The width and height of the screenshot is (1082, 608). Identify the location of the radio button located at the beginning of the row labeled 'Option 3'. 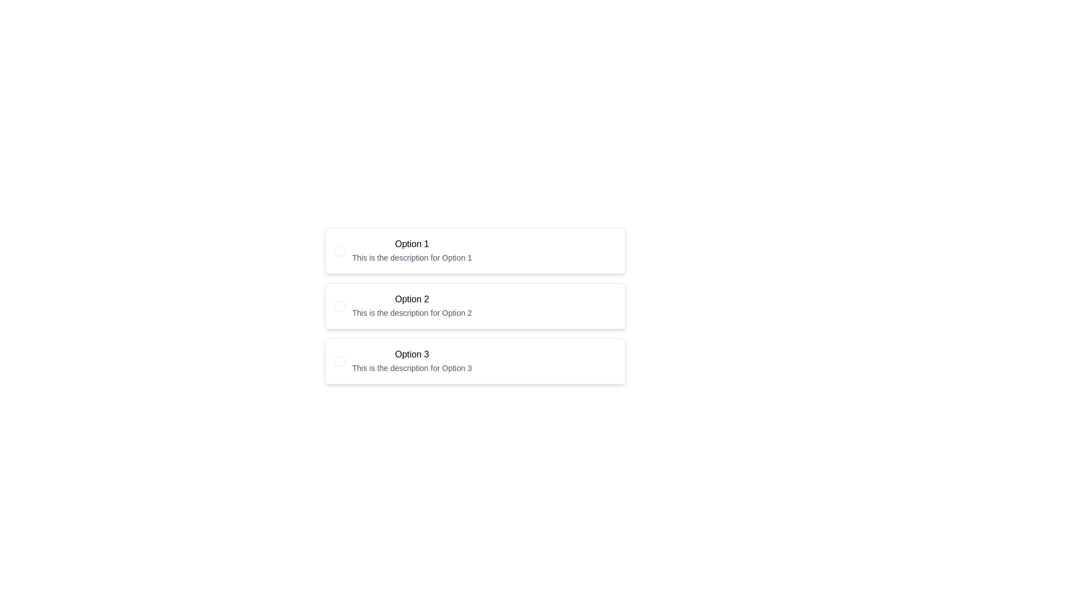
(339, 361).